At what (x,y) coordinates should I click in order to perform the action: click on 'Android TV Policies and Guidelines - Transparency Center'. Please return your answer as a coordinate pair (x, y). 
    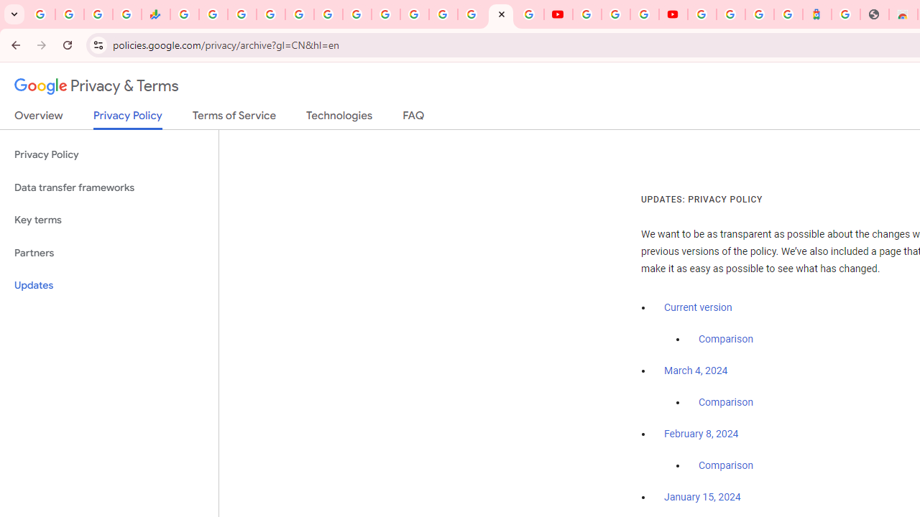
    Looking at the image, I should click on (357, 14).